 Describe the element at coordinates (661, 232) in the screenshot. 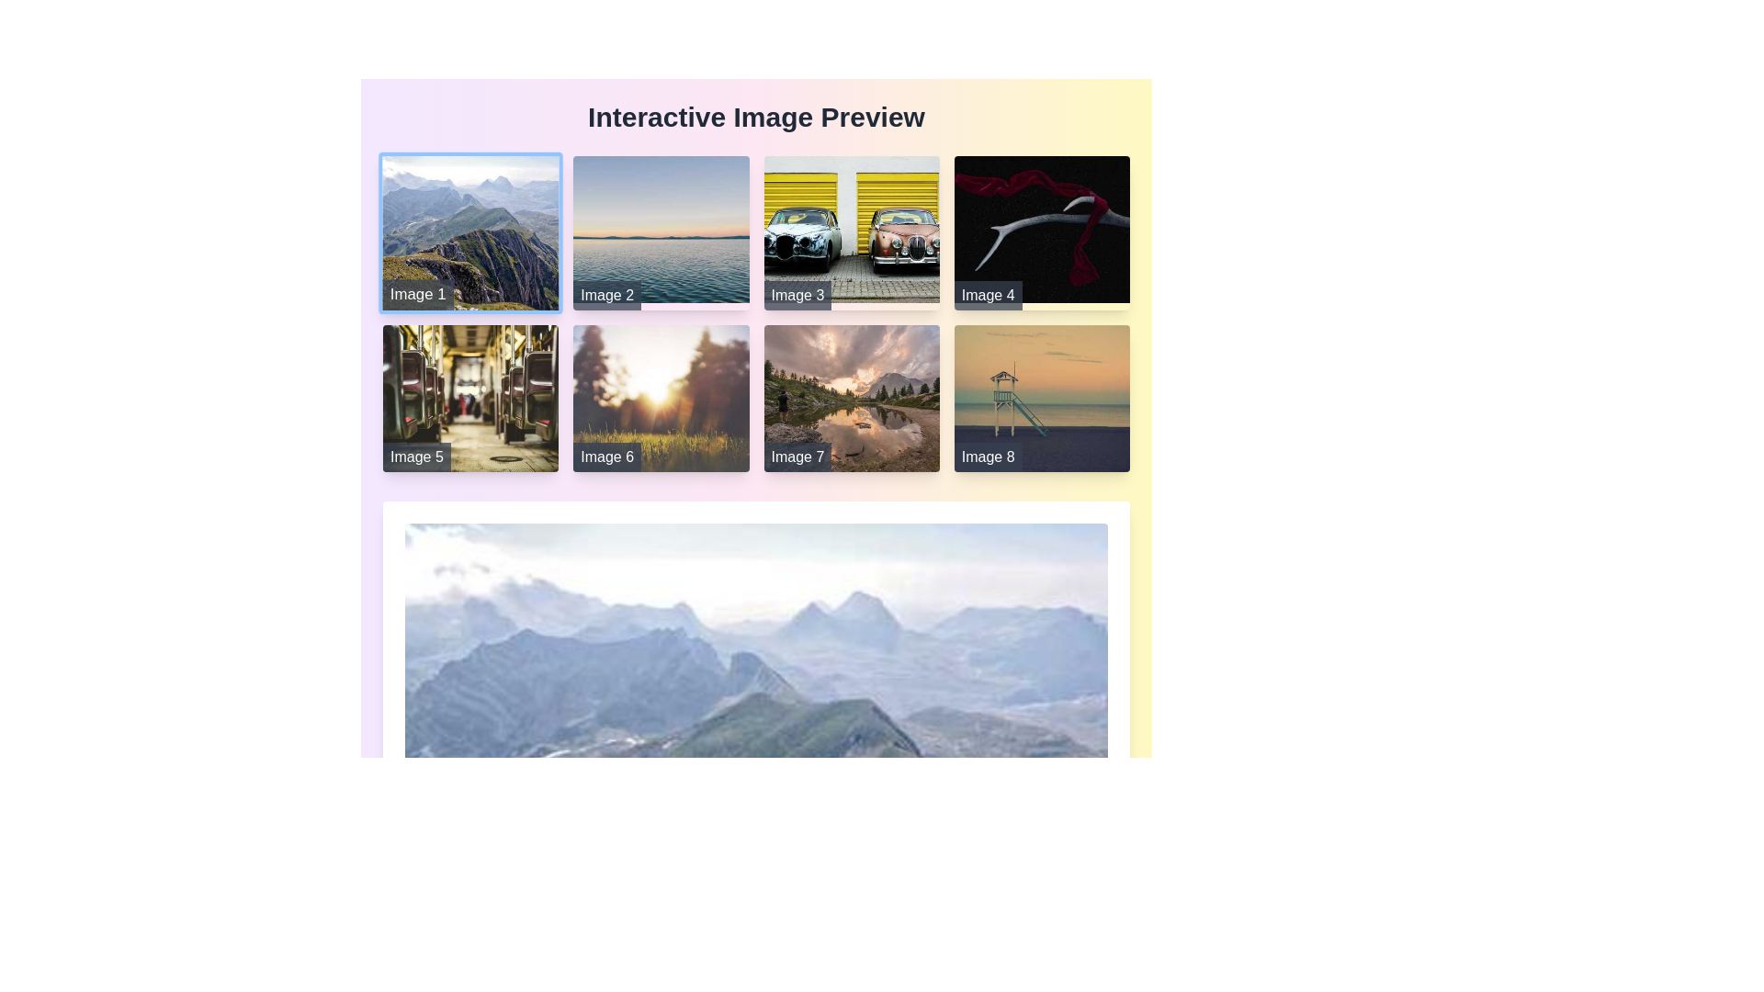

I see `the second image card in the first row of the interactive image grid` at that location.